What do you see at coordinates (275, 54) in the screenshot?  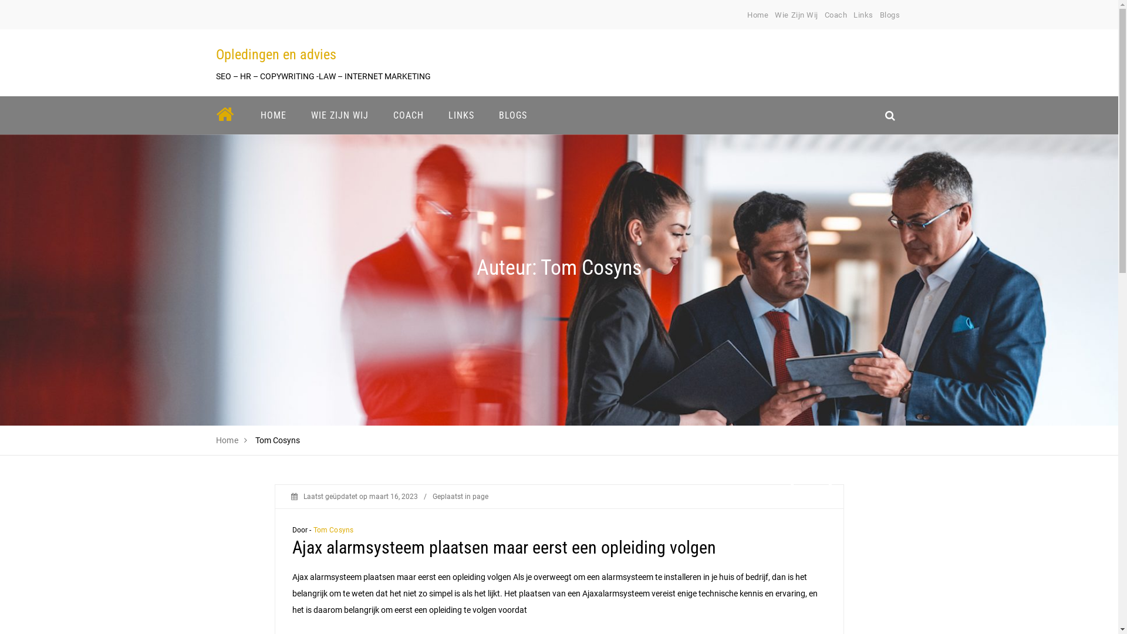 I see `'Opledingen en advies'` at bounding box center [275, 54].